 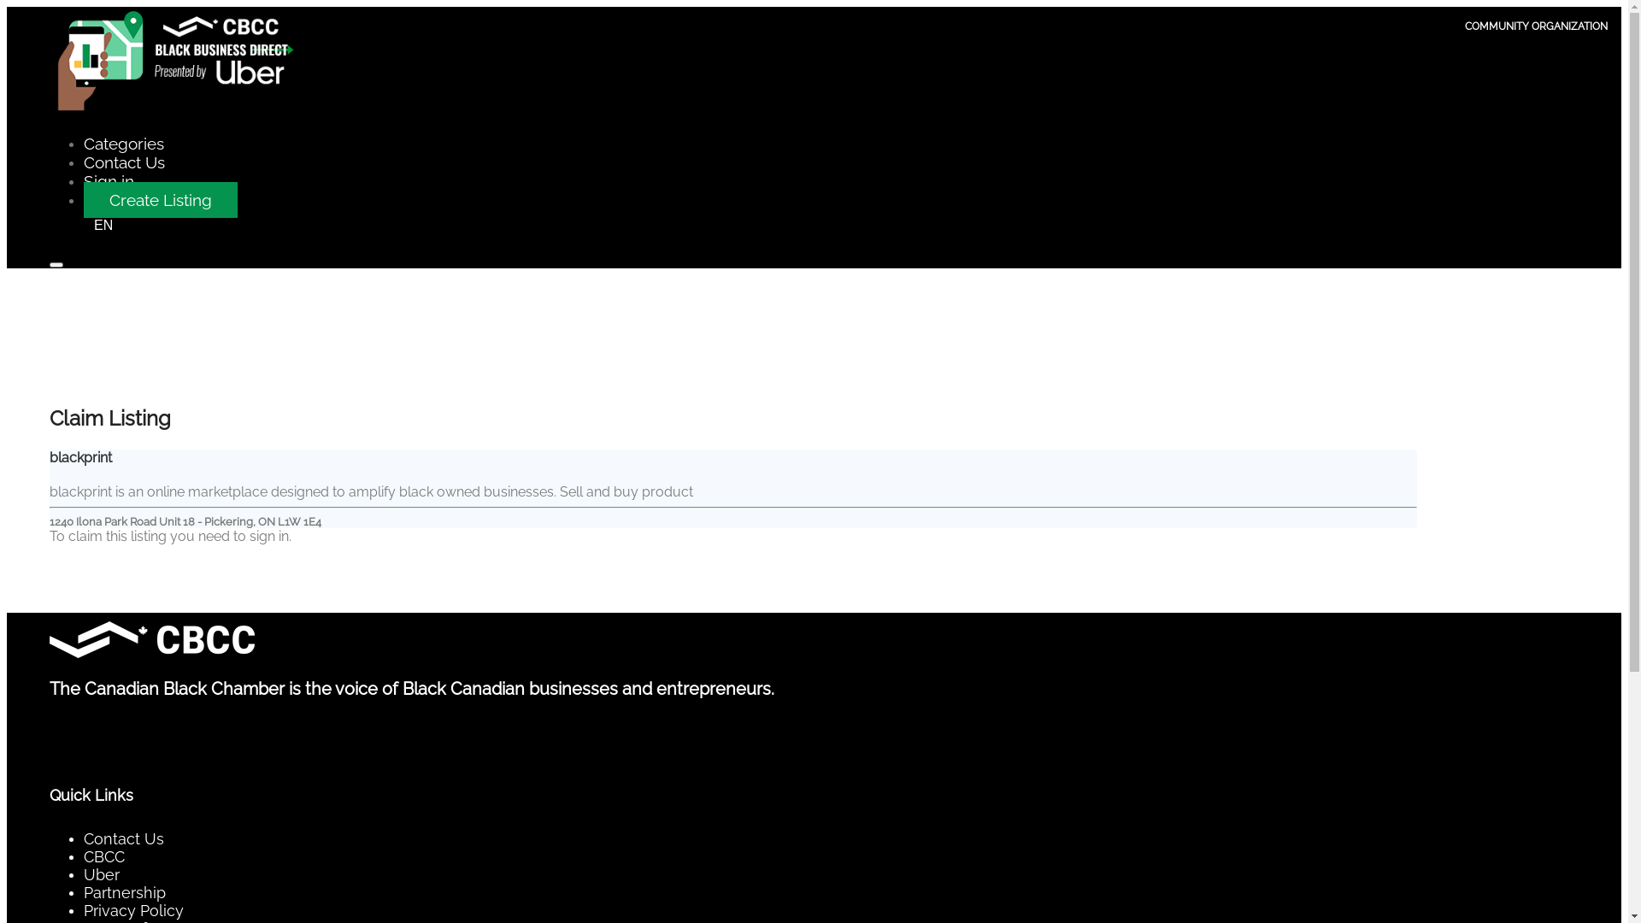 What do you see at coordinates (82, 838) in the screenshot?
I see `'Contact Us'` at bounding box center [82, 838].